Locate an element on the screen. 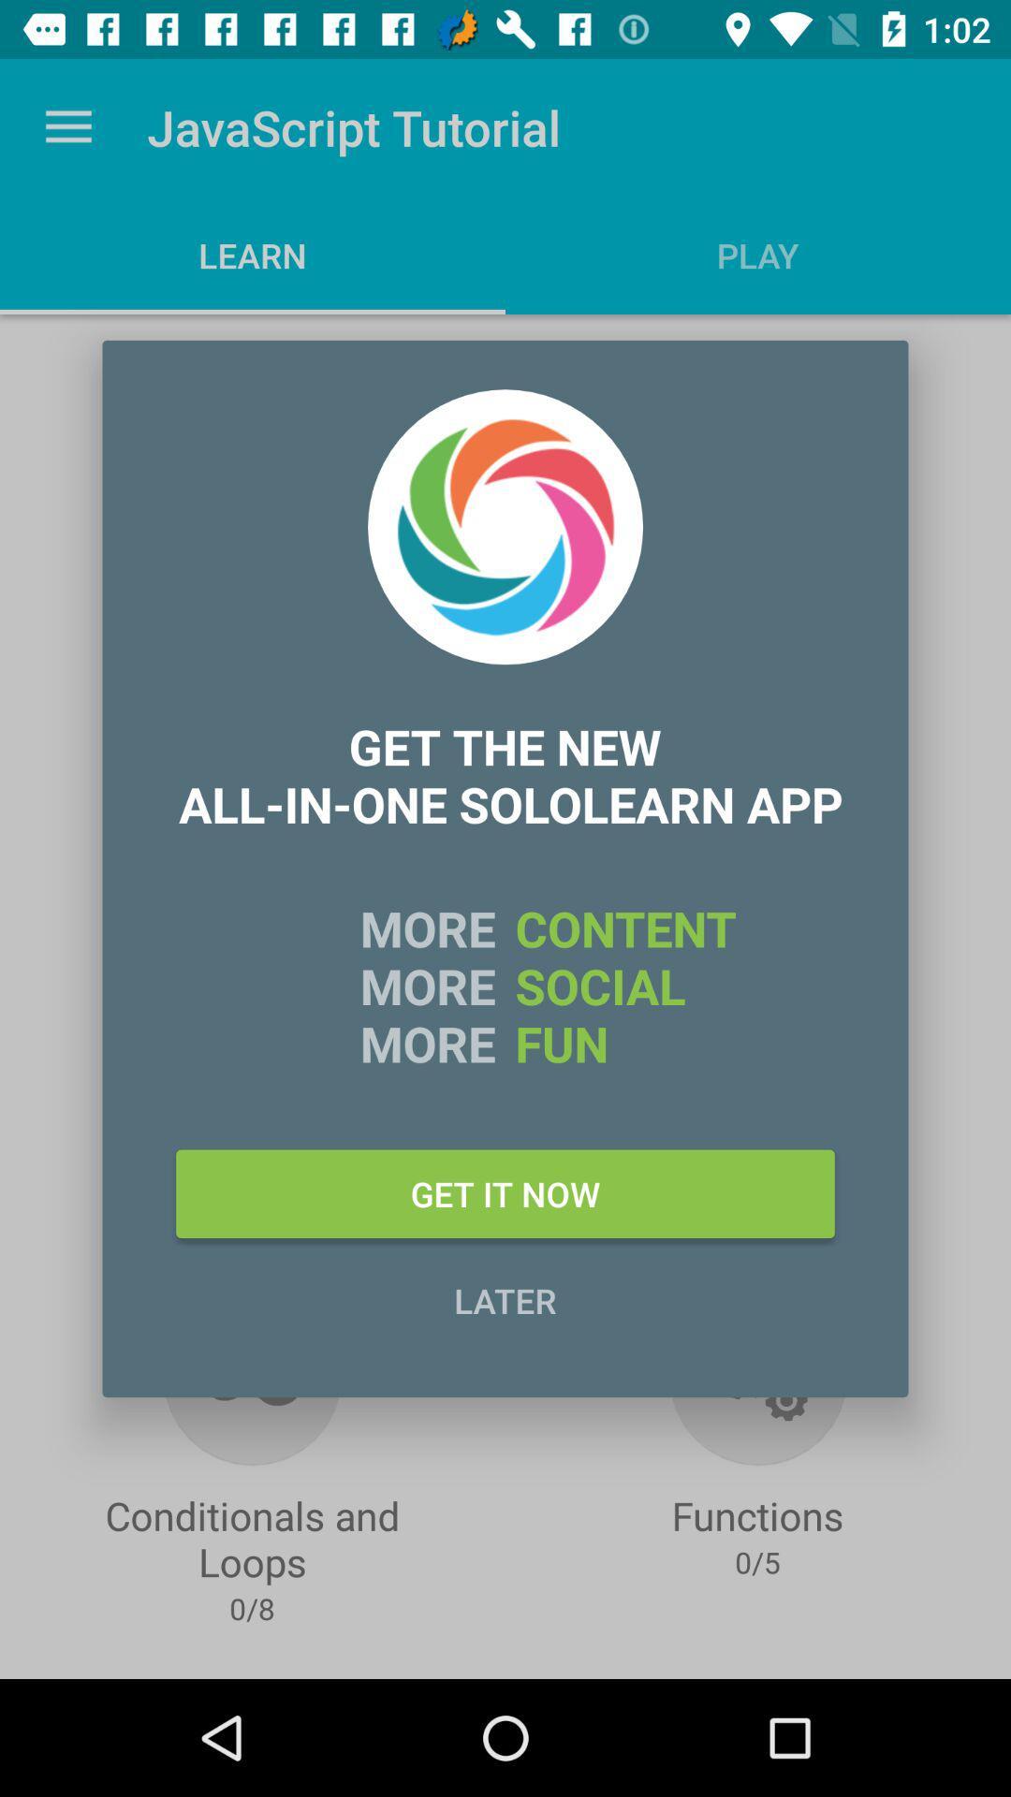 The width and height of the screenshot is (1011, 1797). item below the get it now item is located at coordinates (505, 1299).